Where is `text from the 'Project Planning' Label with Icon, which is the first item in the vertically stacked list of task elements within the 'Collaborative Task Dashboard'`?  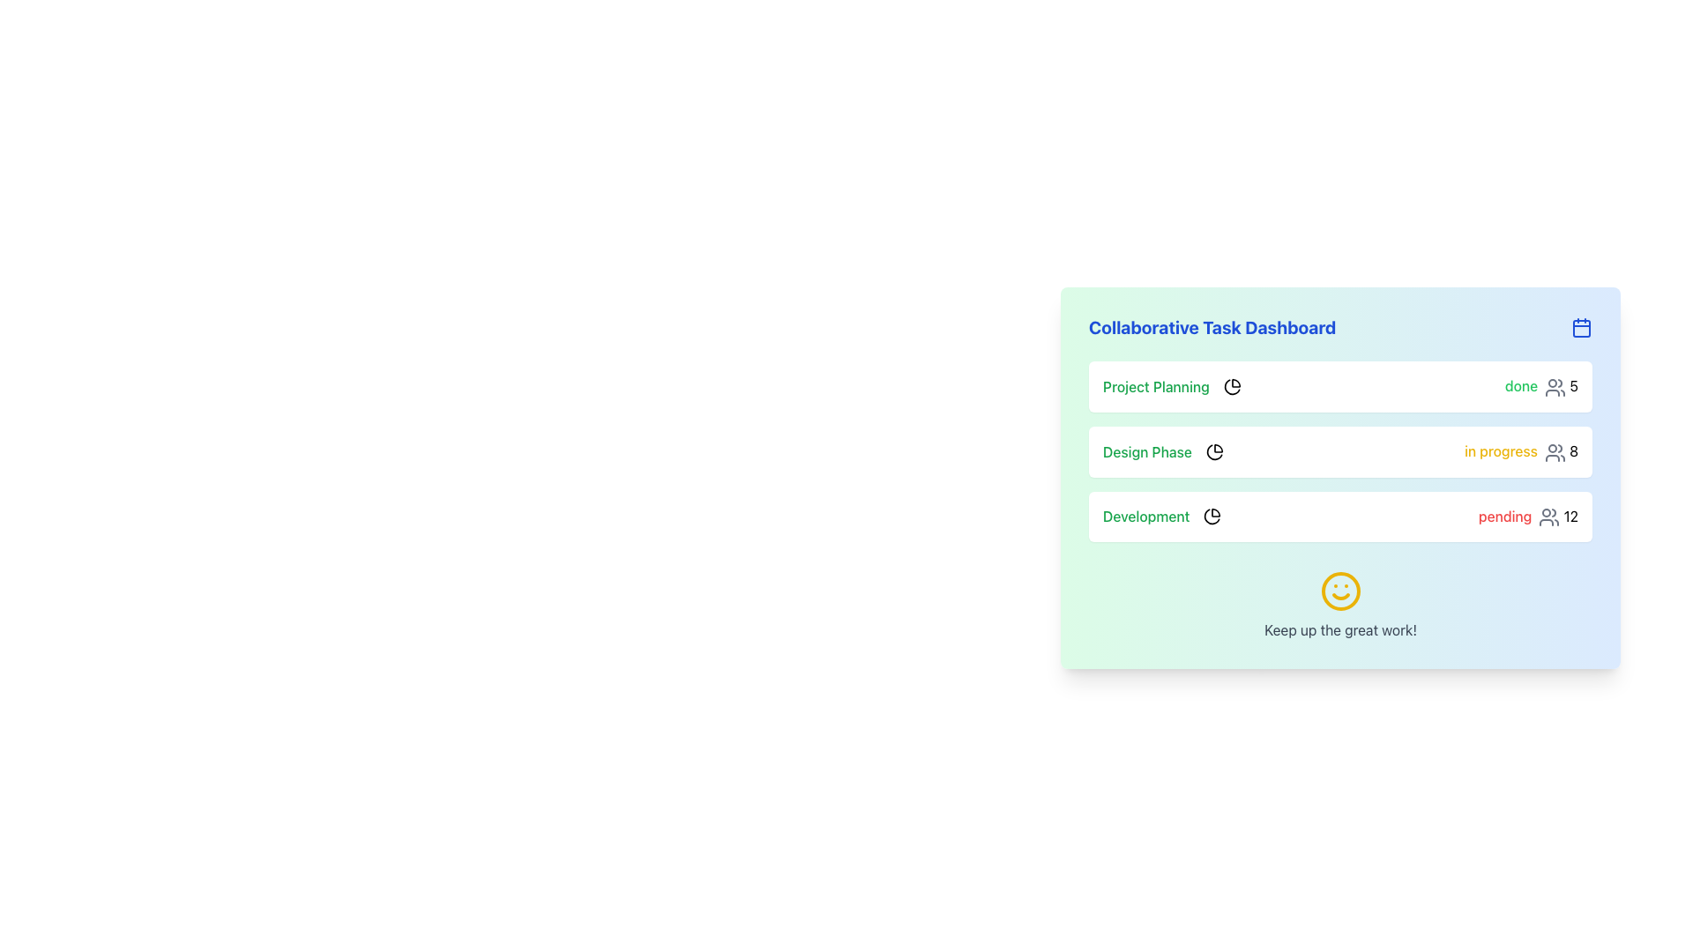
text from the 'Project Planning' Label with Icon, which is the first item in the vertically stacked list of task elements within the 'Collaborative Task Dashboard' is located at coordinates (1172, 385).